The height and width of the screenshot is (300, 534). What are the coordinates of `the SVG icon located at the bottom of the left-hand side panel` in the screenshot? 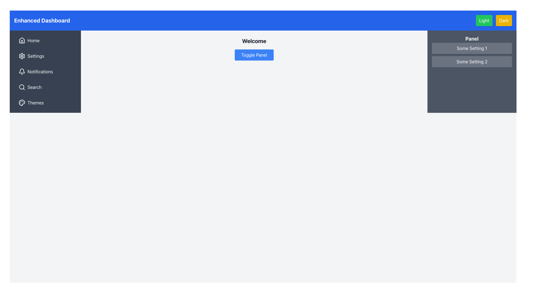 It's located at (22, 103).